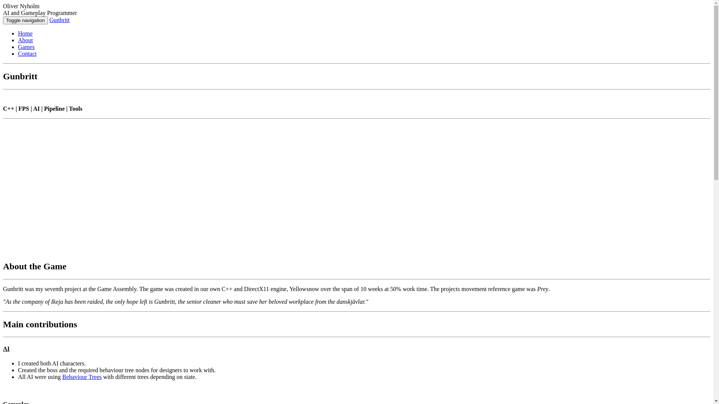 The image size is (719, 404). What do you see at coordinates (27, 53) in the screenshot?
I see `'Contact'` at bounding box center [27, 53].